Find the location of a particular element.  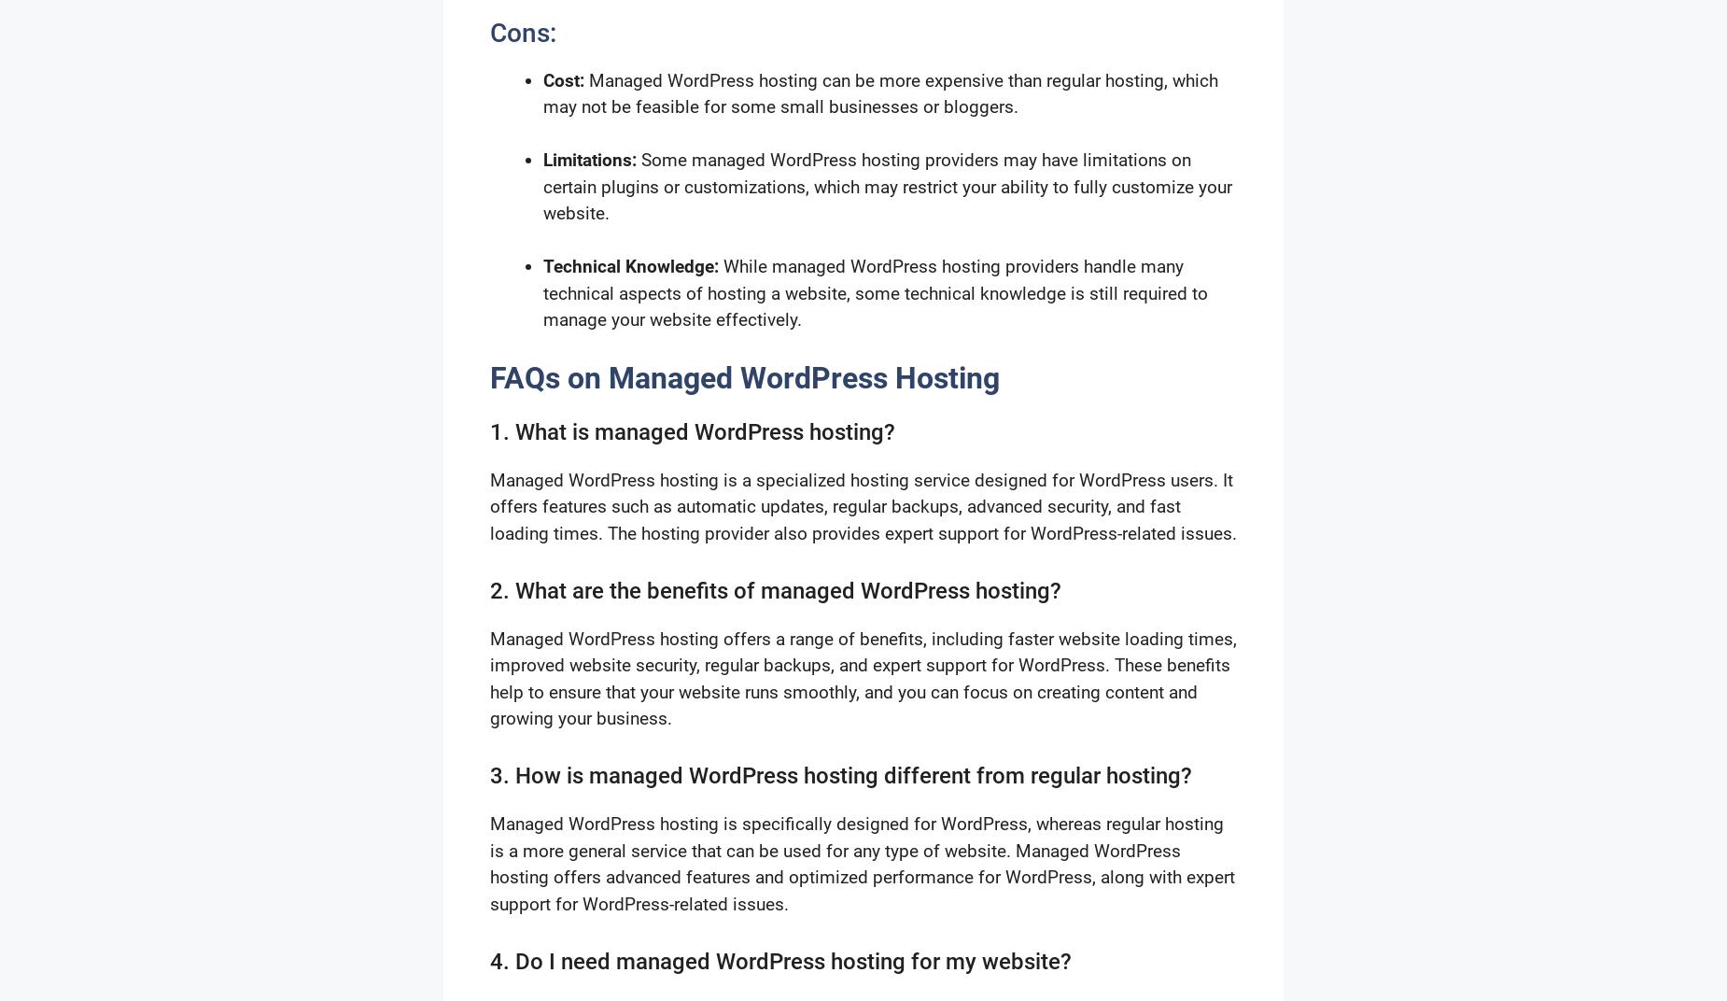

'Managed WordPress hosting is a specialized hosting service designed for WordPress users. It offers features such as automatic updates, regular backups, advanced security, and fast loading times. The hosting provider also provides expert support for WordPress-related issues.' is located at coordinates (863, 505).